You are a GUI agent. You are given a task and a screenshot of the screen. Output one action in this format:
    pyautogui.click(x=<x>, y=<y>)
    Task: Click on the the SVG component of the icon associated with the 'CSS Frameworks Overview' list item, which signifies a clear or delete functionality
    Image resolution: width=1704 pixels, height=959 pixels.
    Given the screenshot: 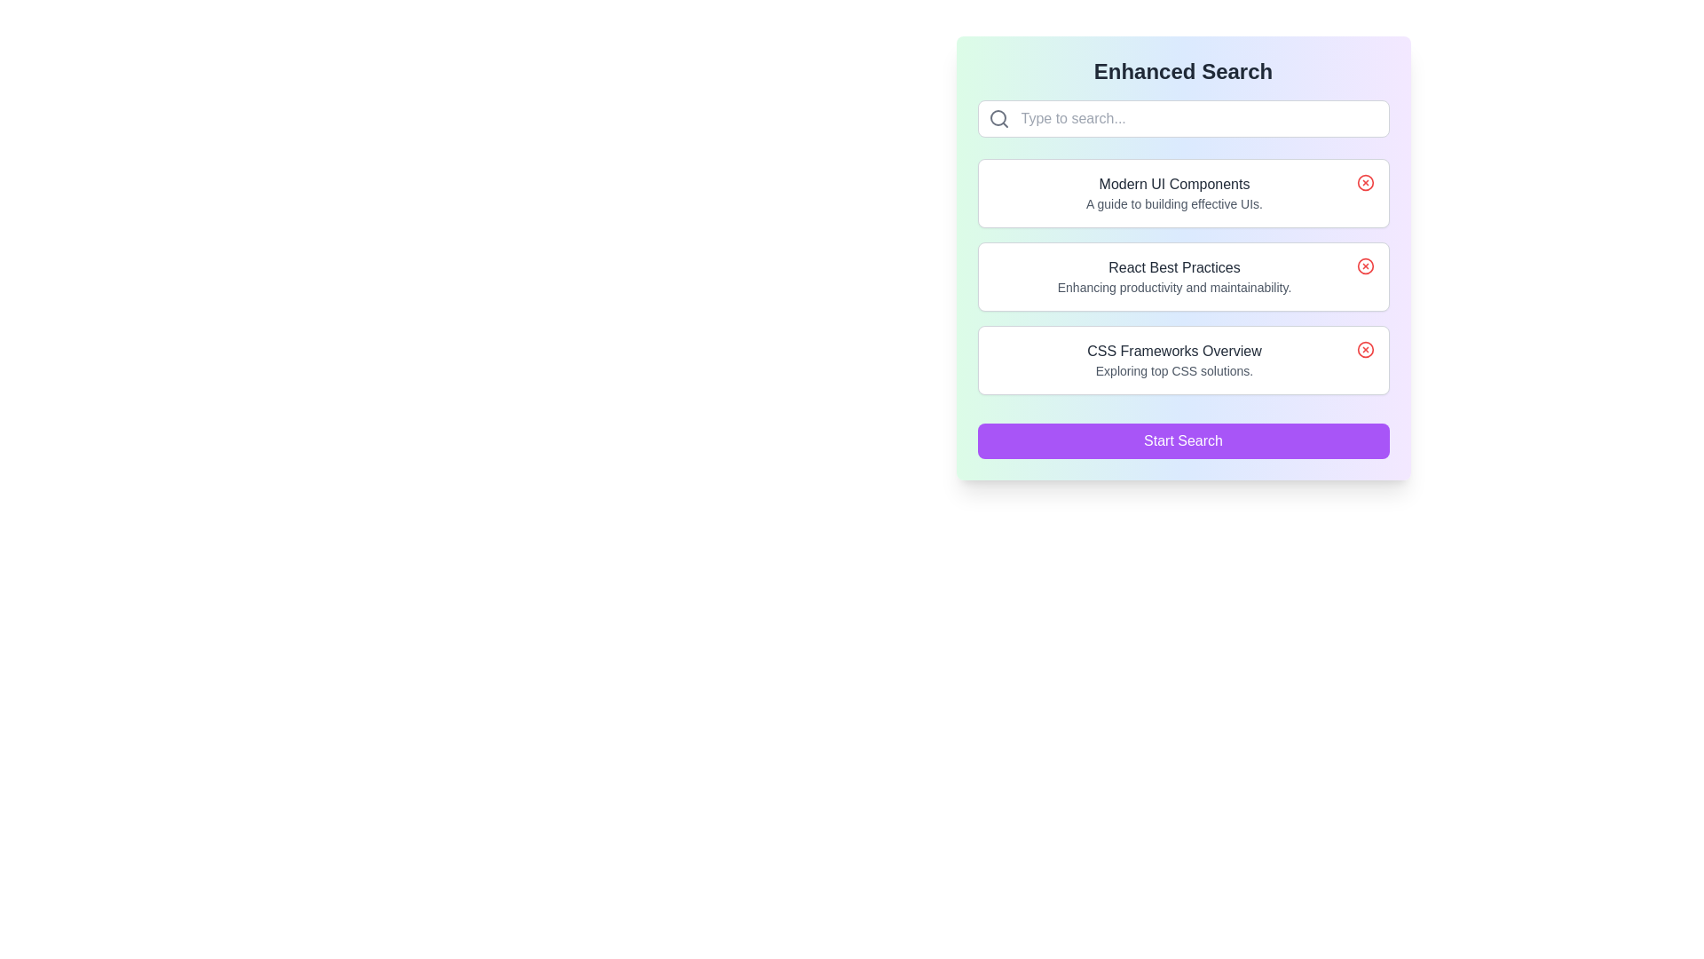 What is the action you would take?
    pyautogui.click(x=1364, y=349)
    